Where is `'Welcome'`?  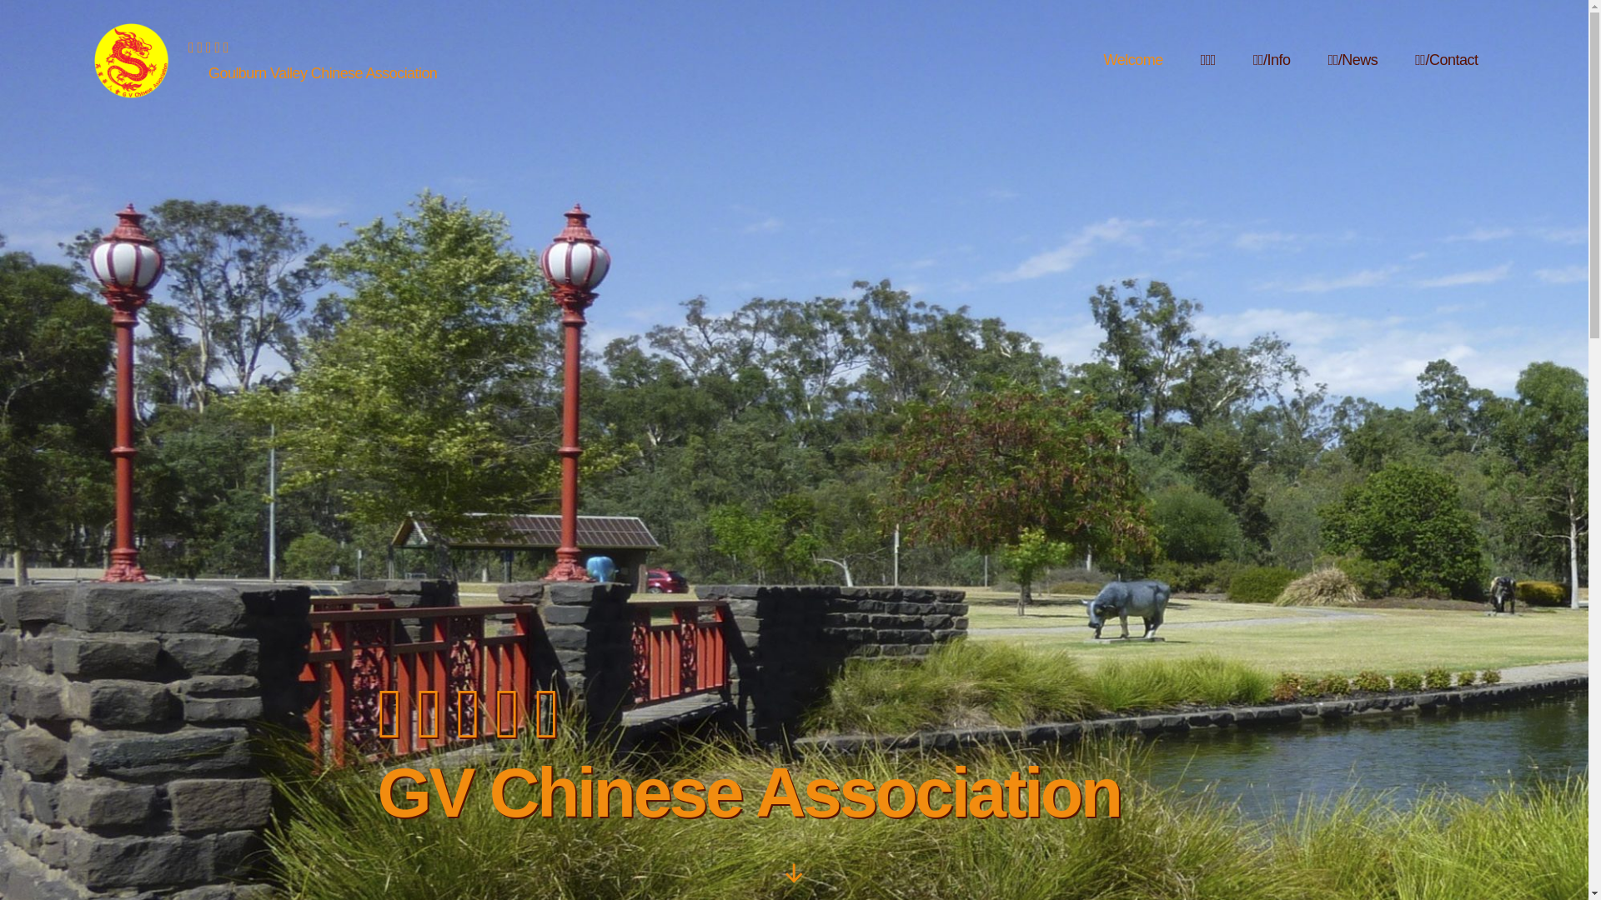 'Welcome' is located at coordinates (1141, 60).